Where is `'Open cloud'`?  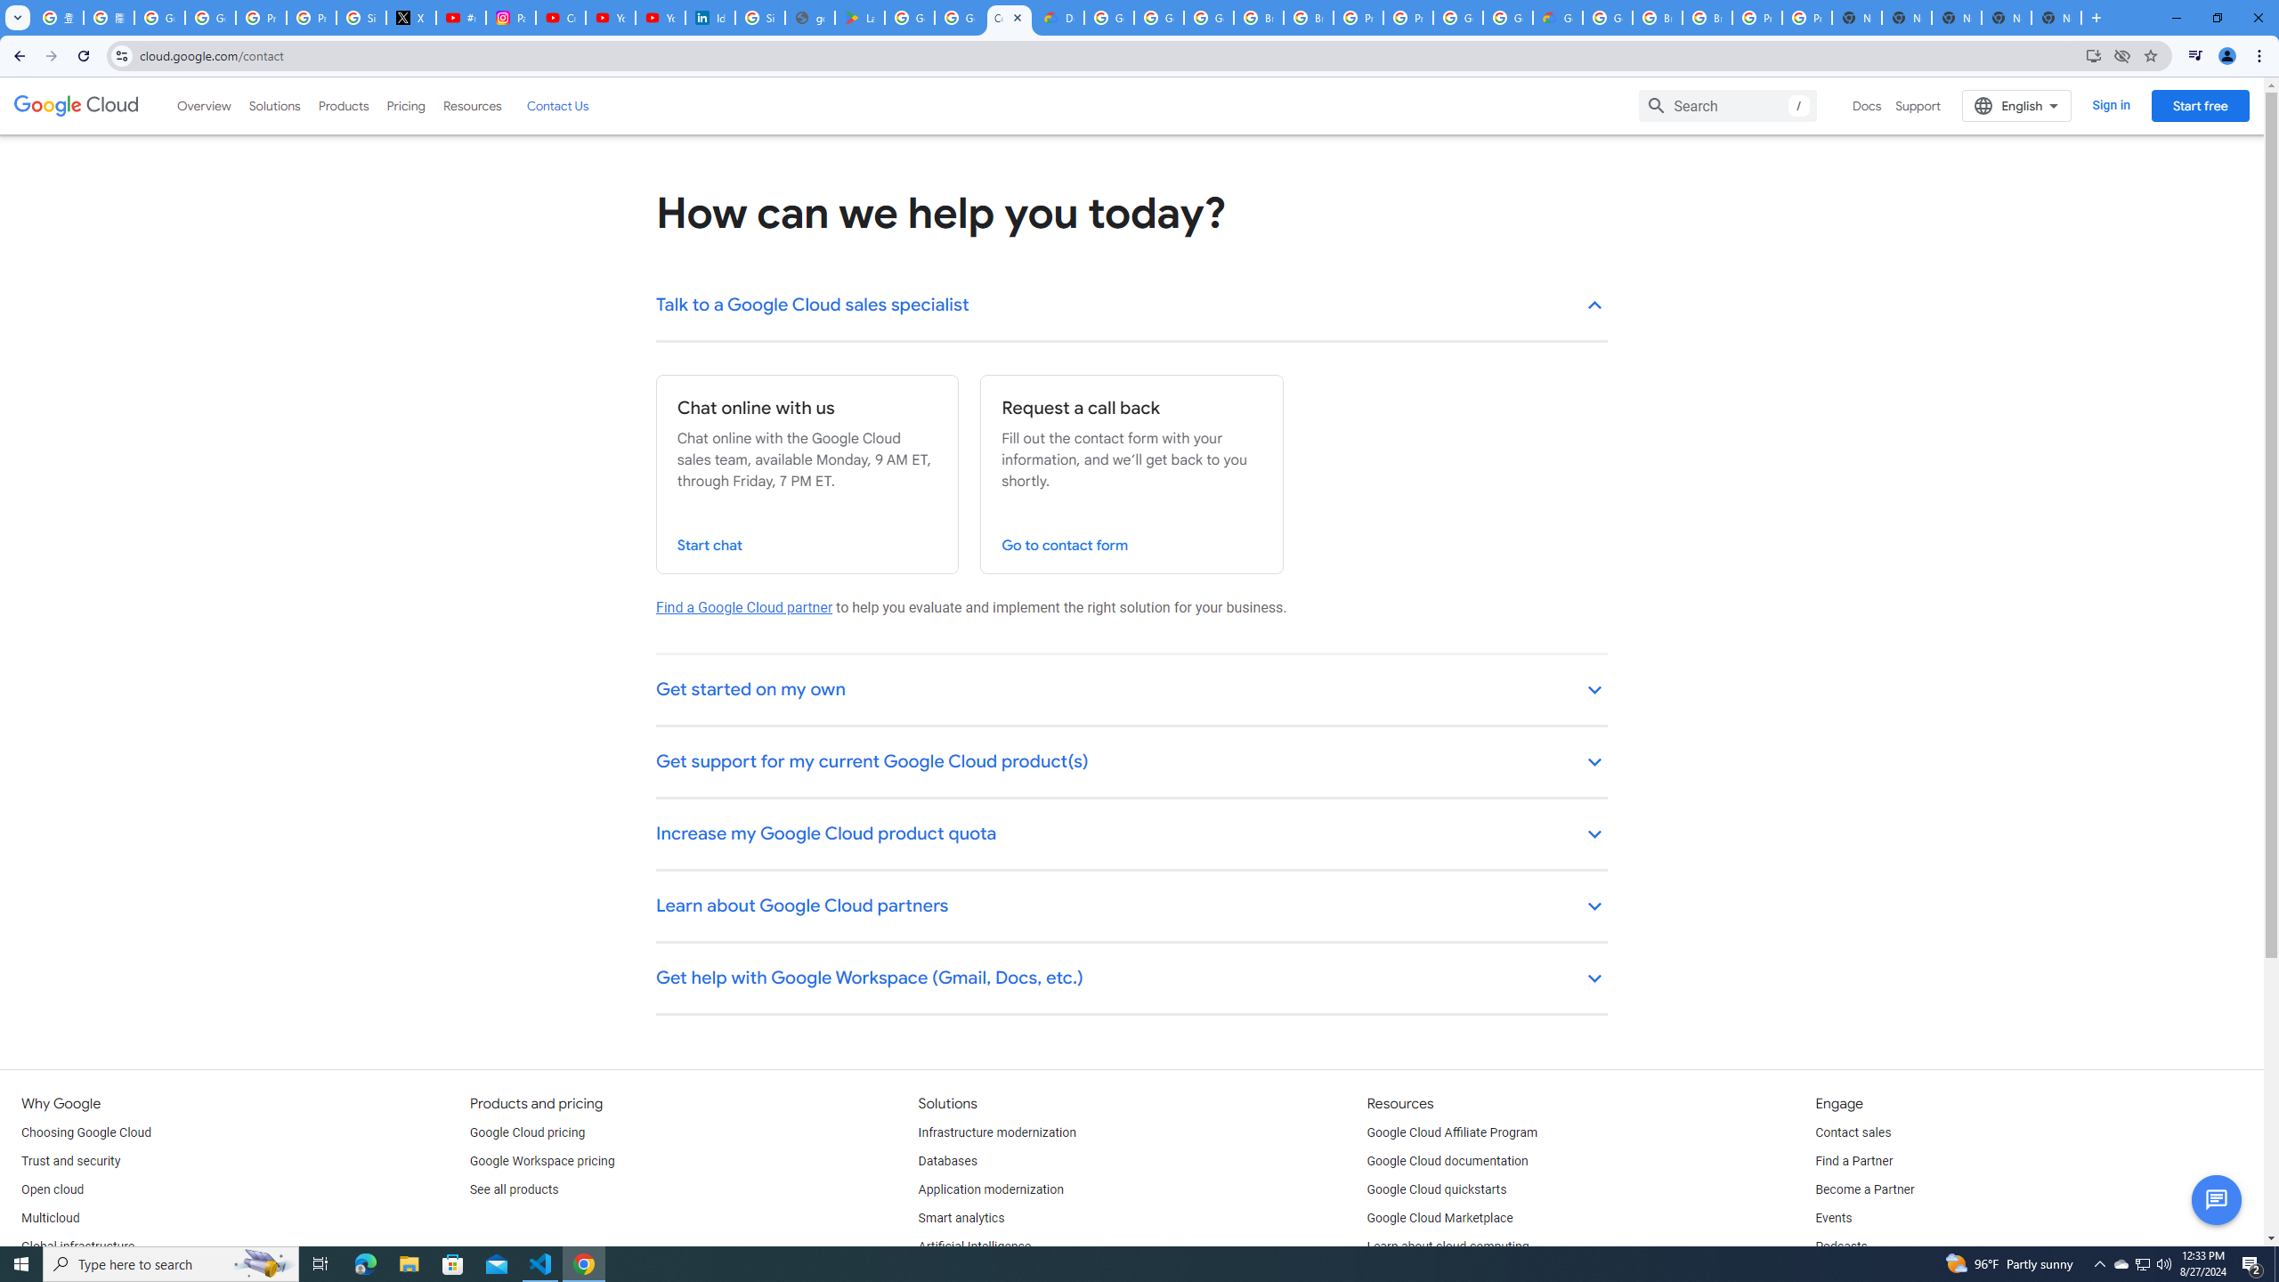
'Open cloud' is located at coordinates (51, 1189).